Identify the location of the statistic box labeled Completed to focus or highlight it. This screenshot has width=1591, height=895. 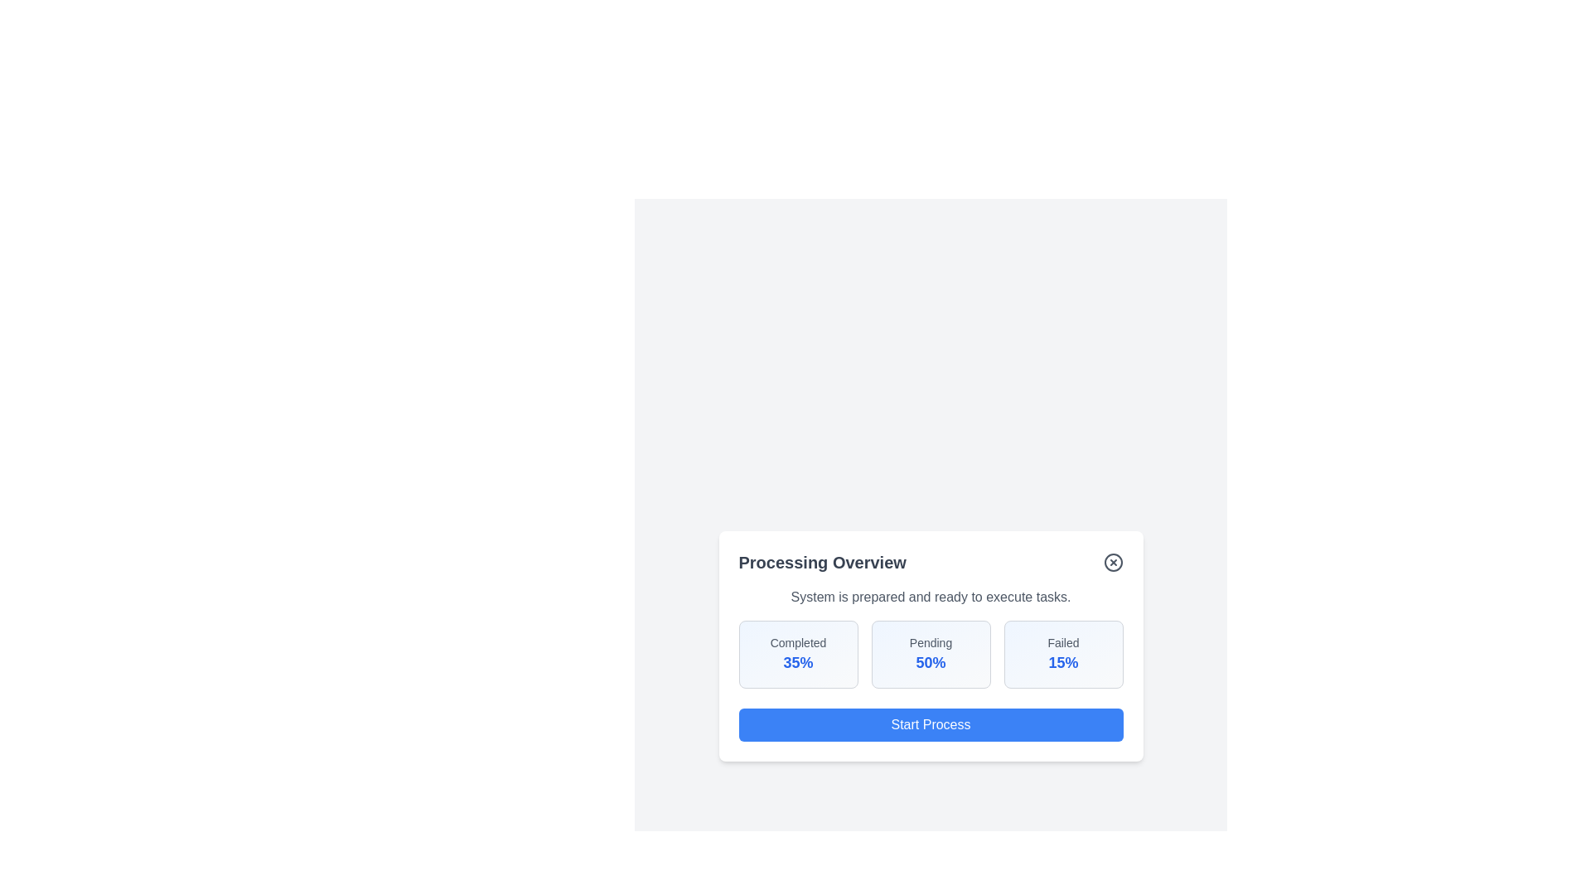
(798, 654).